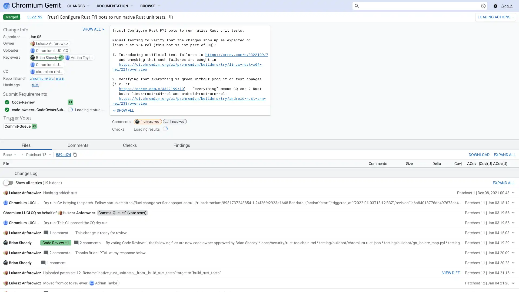  Describe the element at coordinates (44, 102) in the screenshot. I see `satisfied Code-Review +1` at that location.